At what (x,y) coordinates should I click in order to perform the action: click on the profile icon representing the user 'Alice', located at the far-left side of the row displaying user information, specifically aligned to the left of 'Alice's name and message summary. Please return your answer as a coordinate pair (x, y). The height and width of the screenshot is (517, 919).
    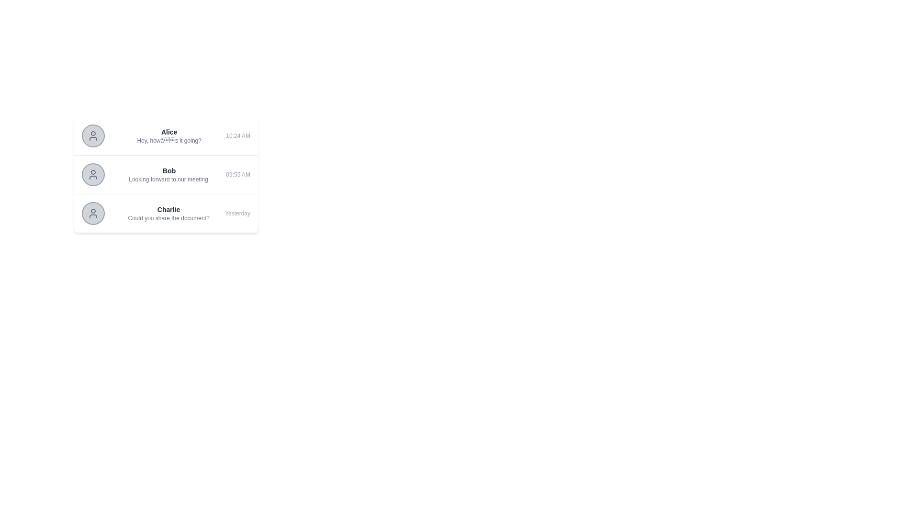
    Looking at the image, I should click on (93, 136).